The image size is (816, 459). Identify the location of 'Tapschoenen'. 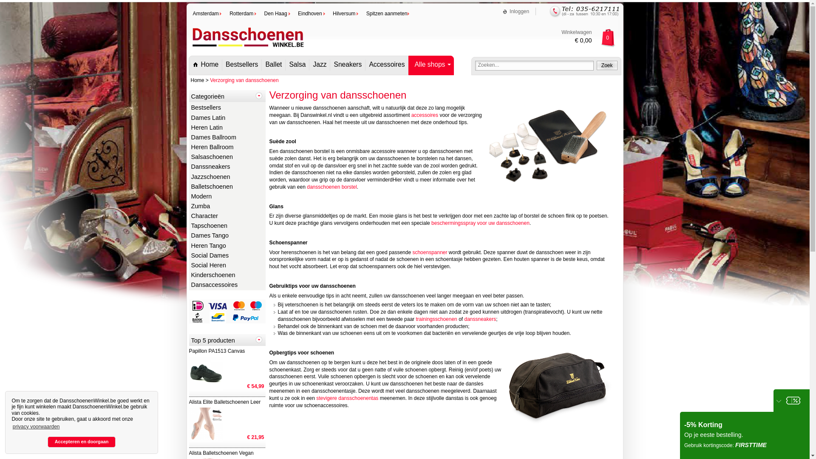
(227, 226).